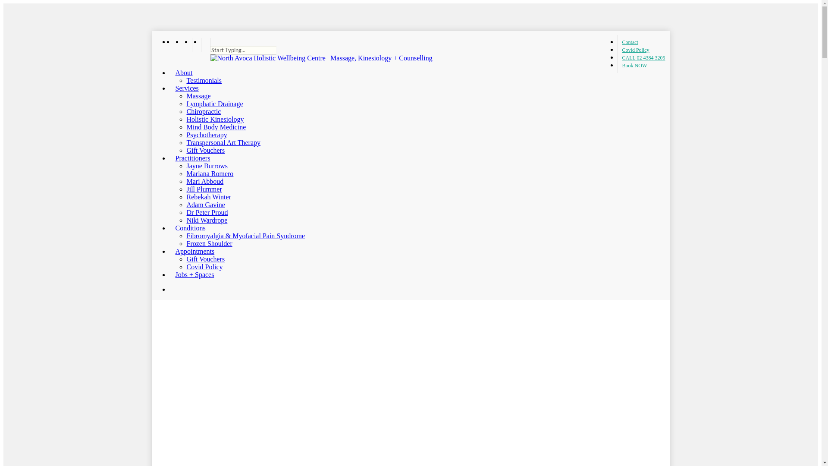 Image resolution: width=828 pixels, height=466 pixels. Describe the element at coordinates (205, 45) in the screenshot. I see `'email'` at that location.